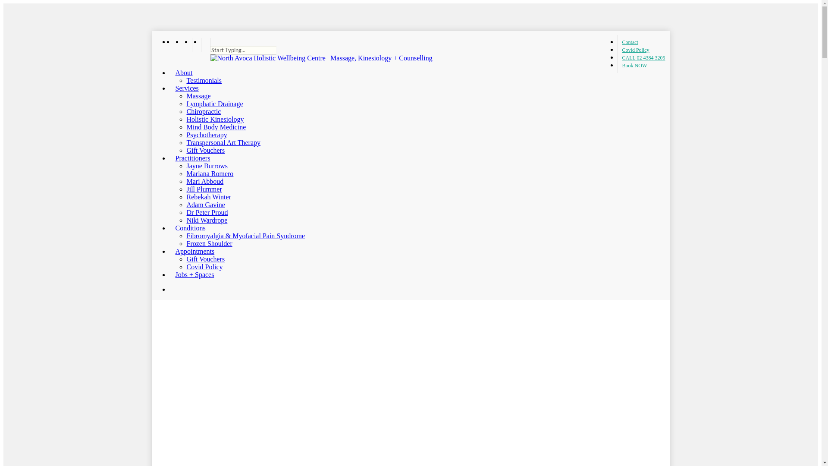 Image resolution: width=828 pixels, height=466 pixels. Describe the element at coordinates (205, 45) in the screenshot. I see `'email'` at that location.